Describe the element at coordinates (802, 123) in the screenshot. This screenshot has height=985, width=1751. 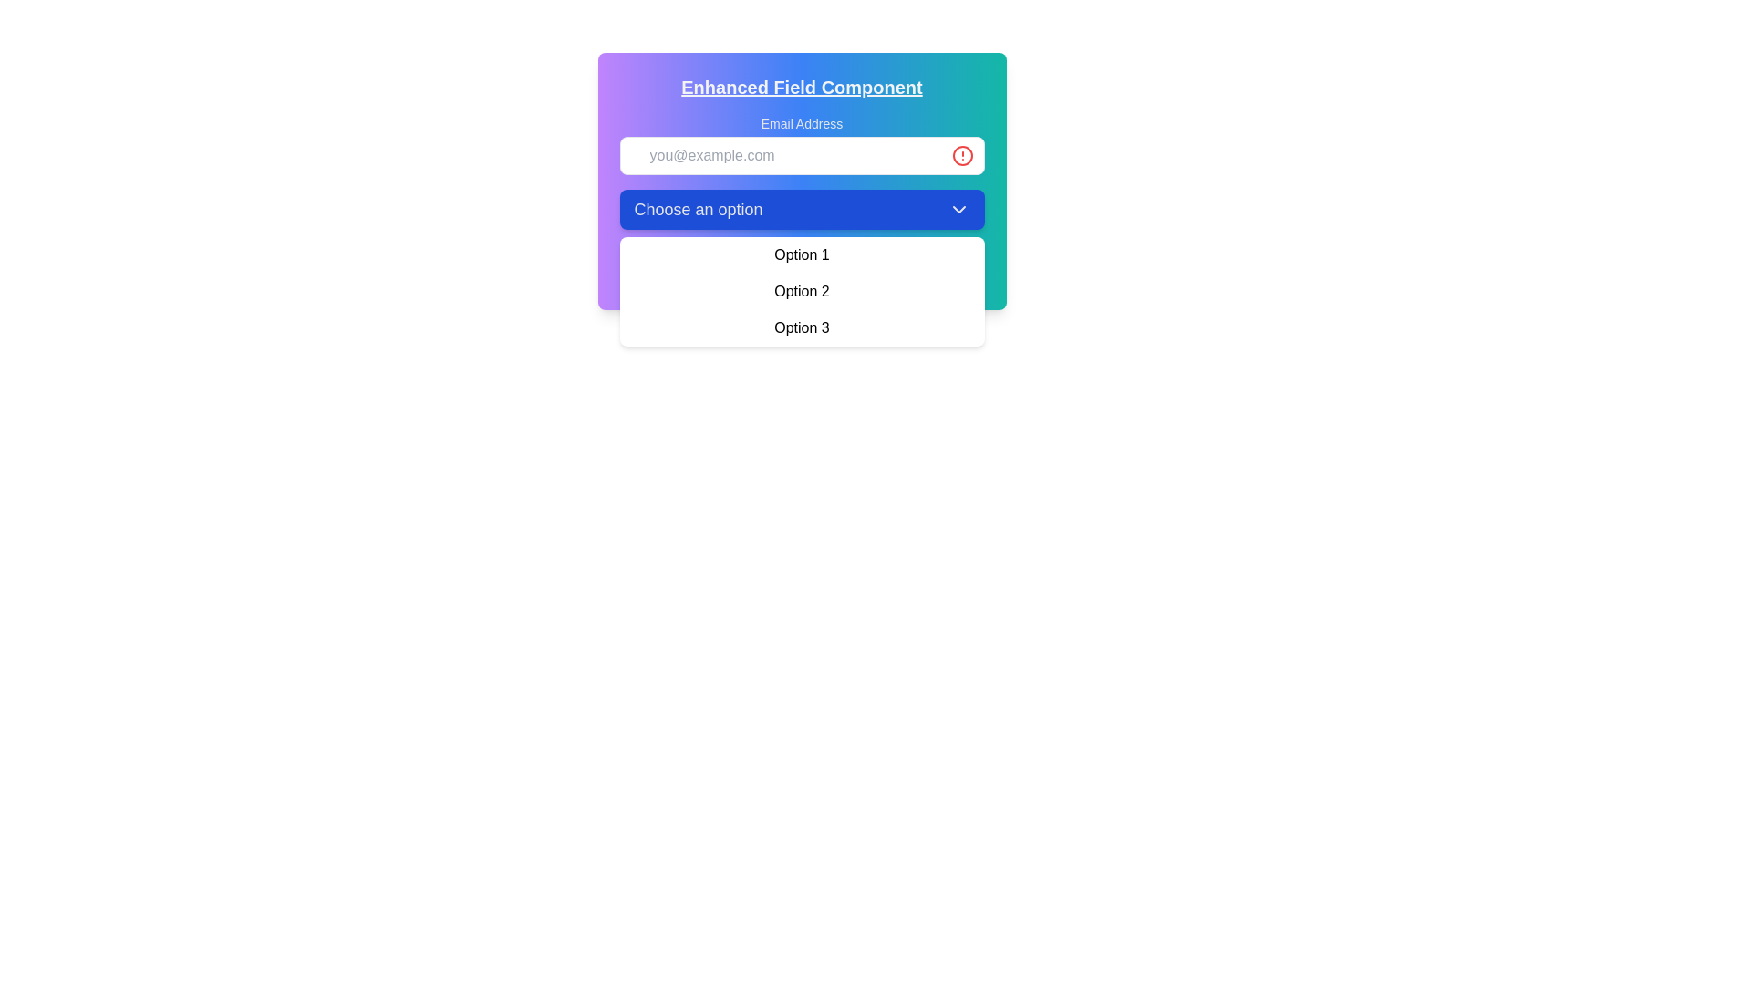
I see `the text label displaying 'Email Address', which is positioned above an input field and aligned with the left margin, located near the top center of the form component` at that location.